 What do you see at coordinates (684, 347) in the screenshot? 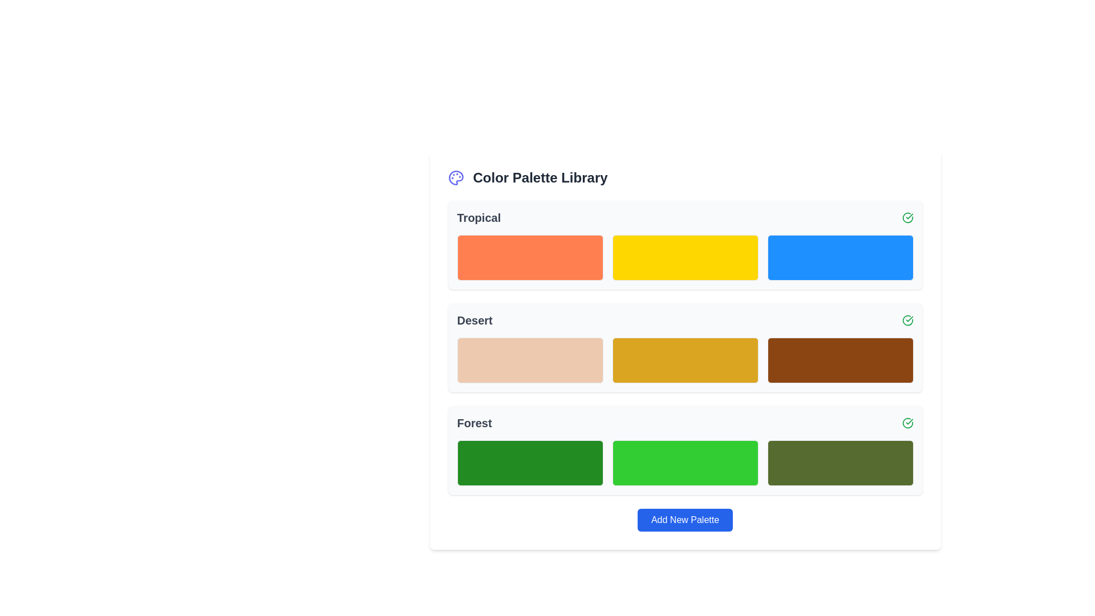
I see `the central color swatch of the 'Desert' section, which is the second element in a vertical stack of three similar elements` at bounding box center [684, 347].